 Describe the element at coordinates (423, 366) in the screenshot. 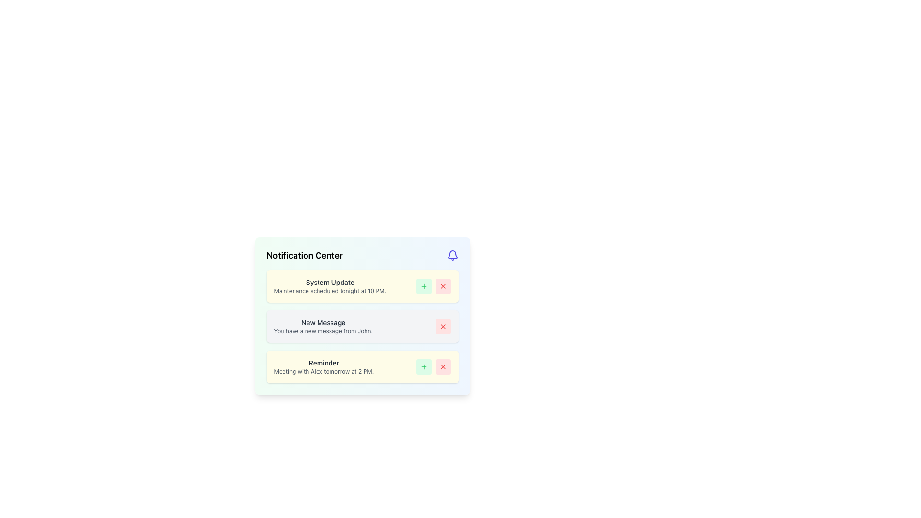

I see `the icon button in the notification panel labeled 'Reminder'` at that location.